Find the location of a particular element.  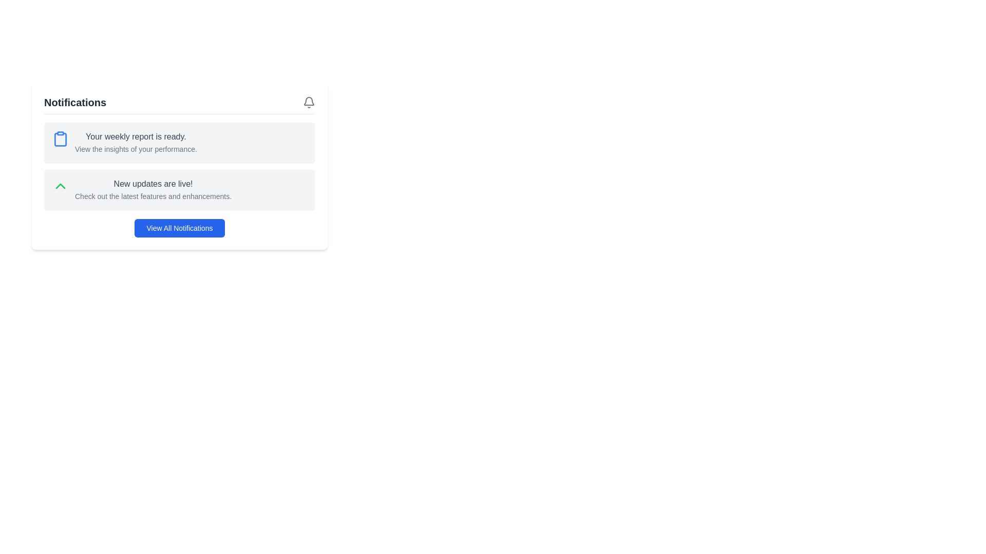

the static text that informs the user their weekly performance report is ready, located within the first notification card in the 'Notifications' section is located at coordinates (135, 136).